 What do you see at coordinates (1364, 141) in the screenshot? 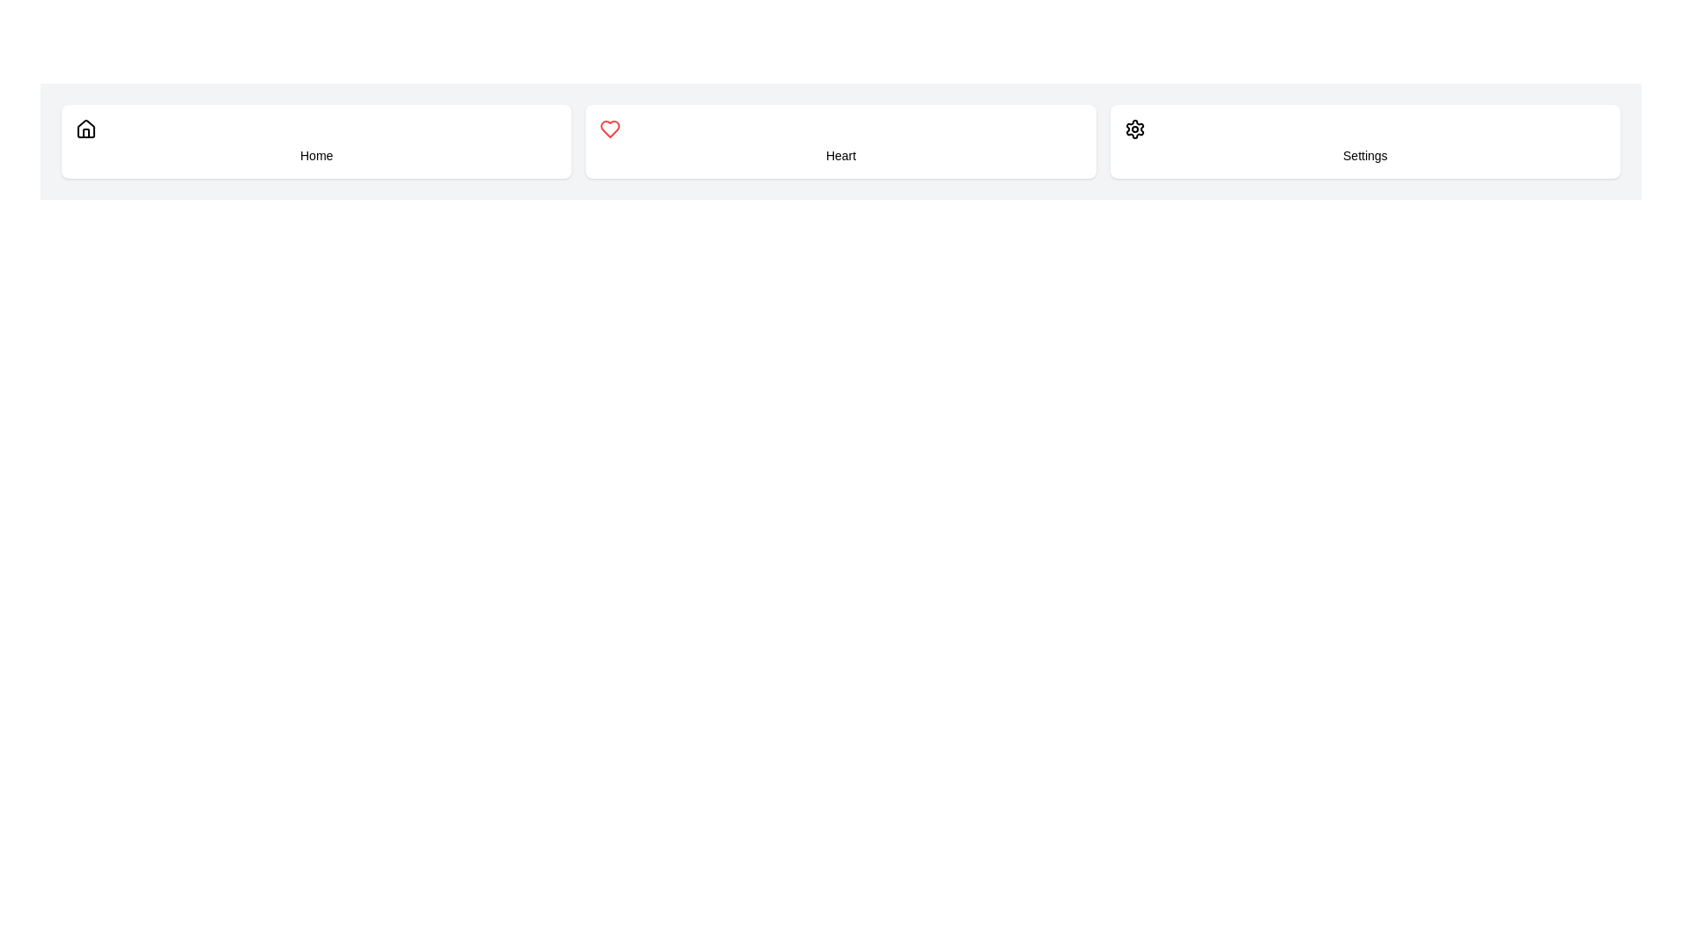
I see `the 'Settings' button` at bounding box center [1364, 141].